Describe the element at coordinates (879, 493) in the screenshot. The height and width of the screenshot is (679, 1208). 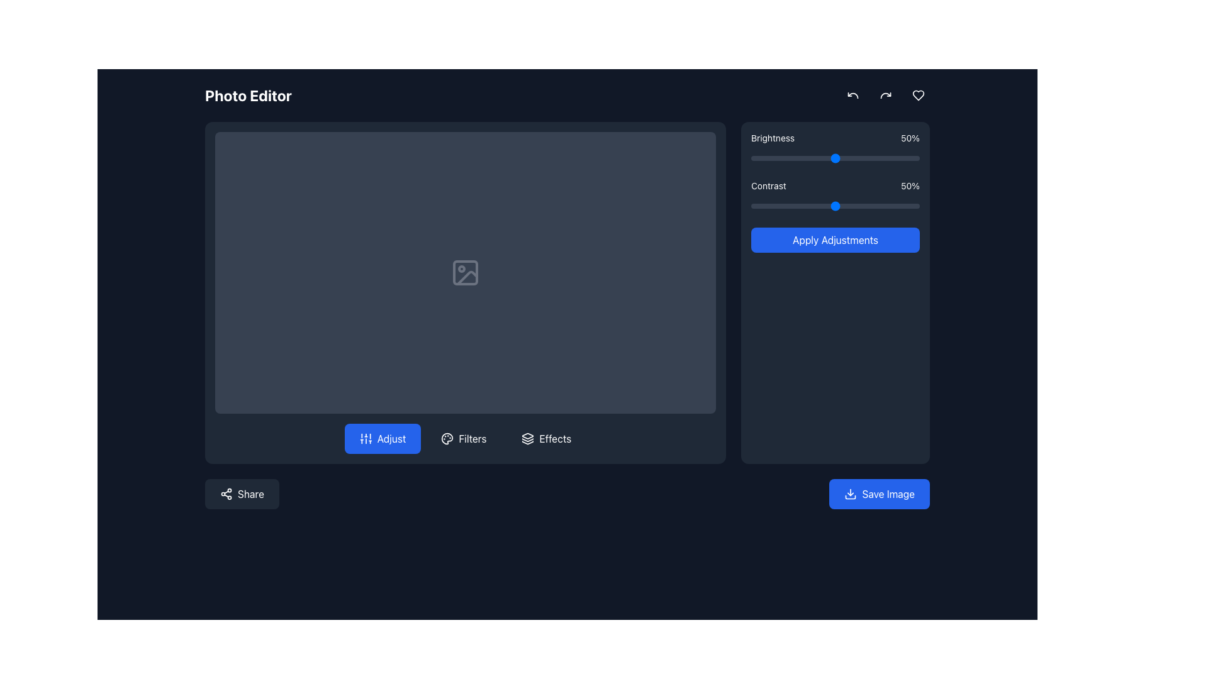
I see `the 'Save Image' button, which is a rectangular button with a blue background and white text, located at the bottom-right corner of the application interface` at that location.